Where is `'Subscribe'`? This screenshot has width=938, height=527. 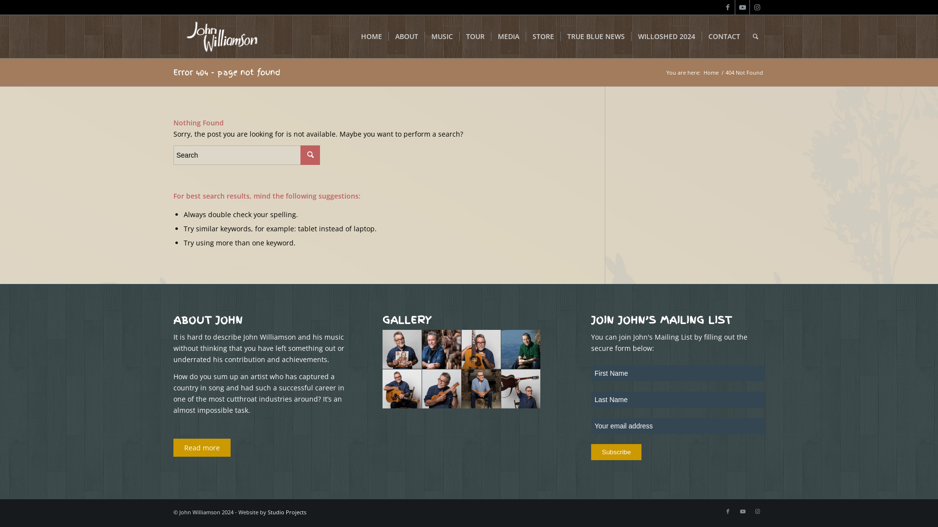 'Subscribe' is located at coordinates (616, 452).